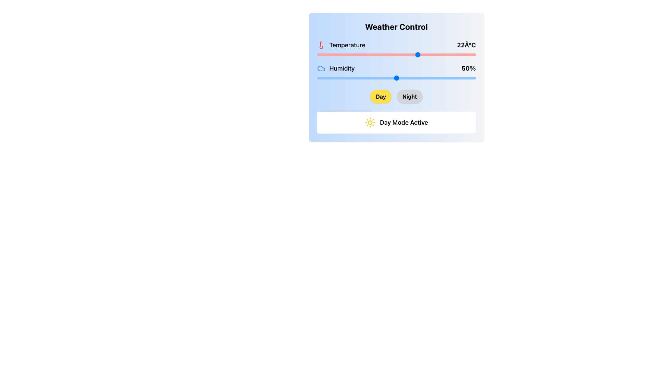  What do you see at coordinates (396, 26) in the screenshot?
I see `the bold, centered text header displaying 'Weather Control' at the top of the weather configuration widget` at bounding box center [396, 26].